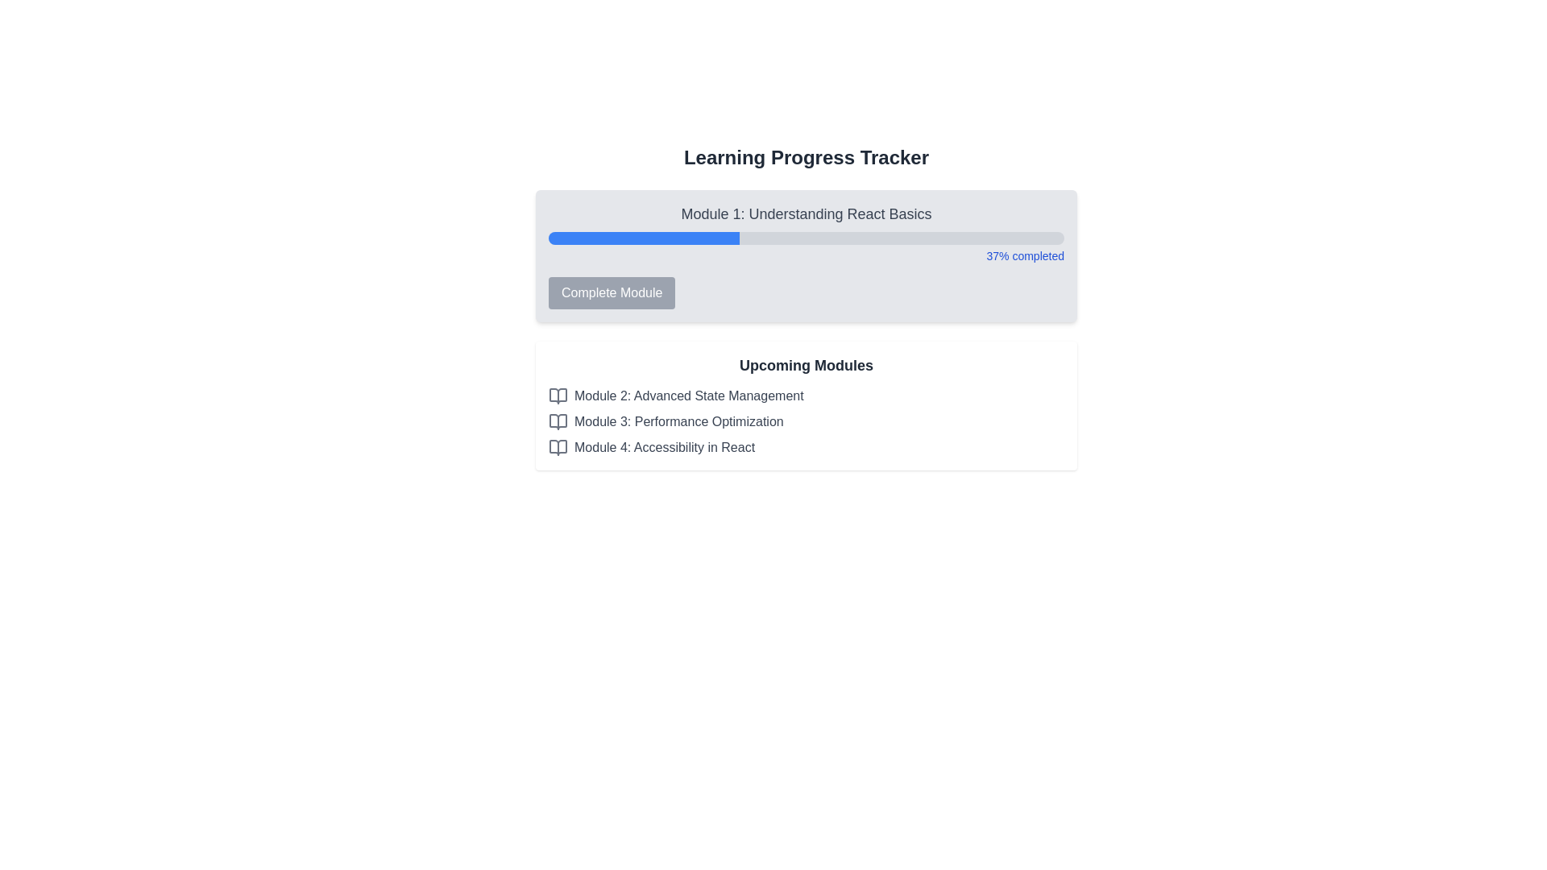 The image size is (1547, 870). What do you see at coordinates (807, 447) in the screenshot?
I see `the third list item component labeled 'Module 4: Accessibility in React'` at bounding box center [807, 447].